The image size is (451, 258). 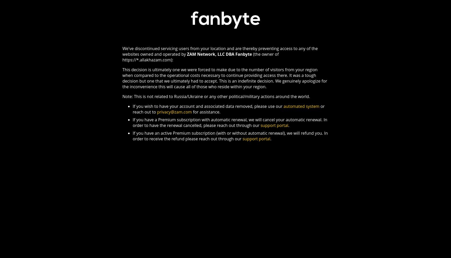 I want to click on 'ZAM Network, LLC DBA Fanbyte', so click(x=219, y=54).